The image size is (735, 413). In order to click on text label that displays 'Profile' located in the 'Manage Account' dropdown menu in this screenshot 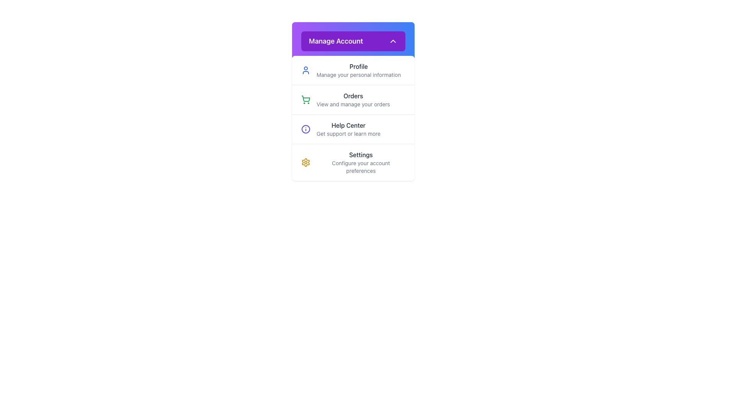, I will do `click(358, 66)`.